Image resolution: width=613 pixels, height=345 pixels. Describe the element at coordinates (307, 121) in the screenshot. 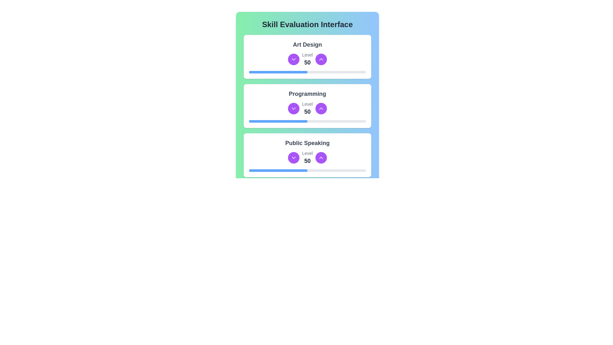

I see `the progress bar that visually represents a 'Programming' skill level of 50%, located below the text 'Programming' and 'Level 50.'` at that location.